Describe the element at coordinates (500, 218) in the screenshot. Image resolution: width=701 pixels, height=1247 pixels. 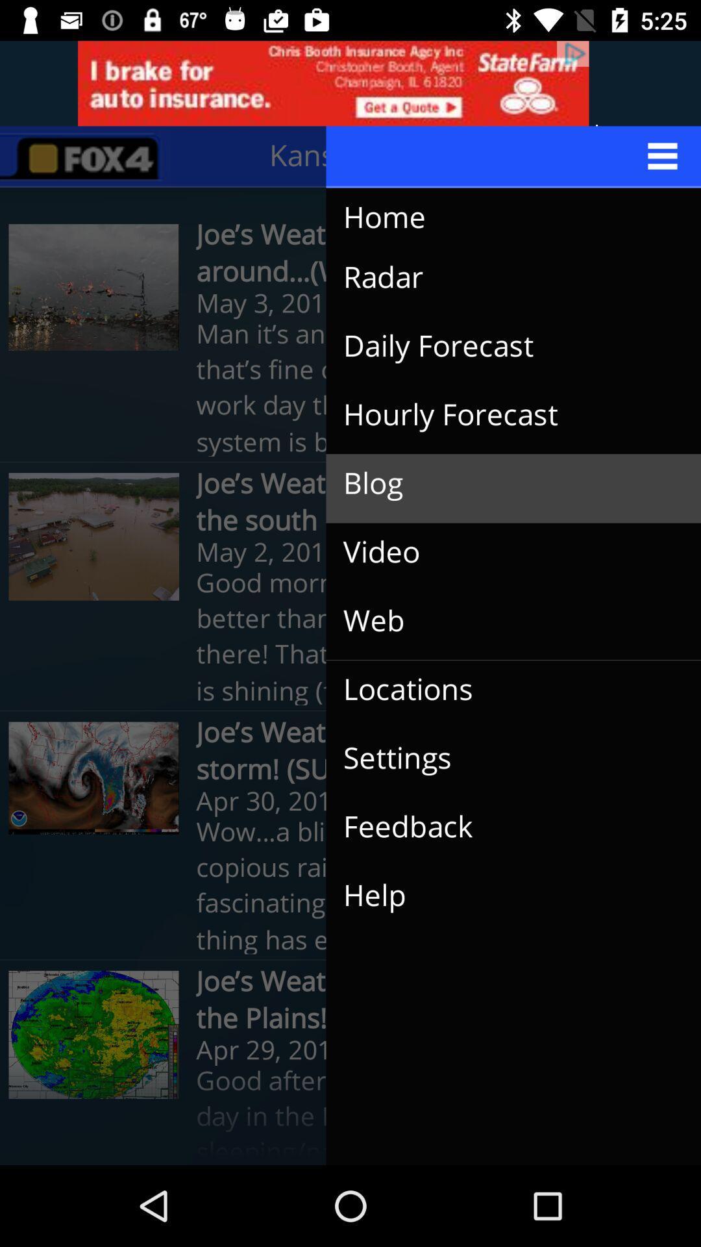
I see `the icon above radar icon` at that location.